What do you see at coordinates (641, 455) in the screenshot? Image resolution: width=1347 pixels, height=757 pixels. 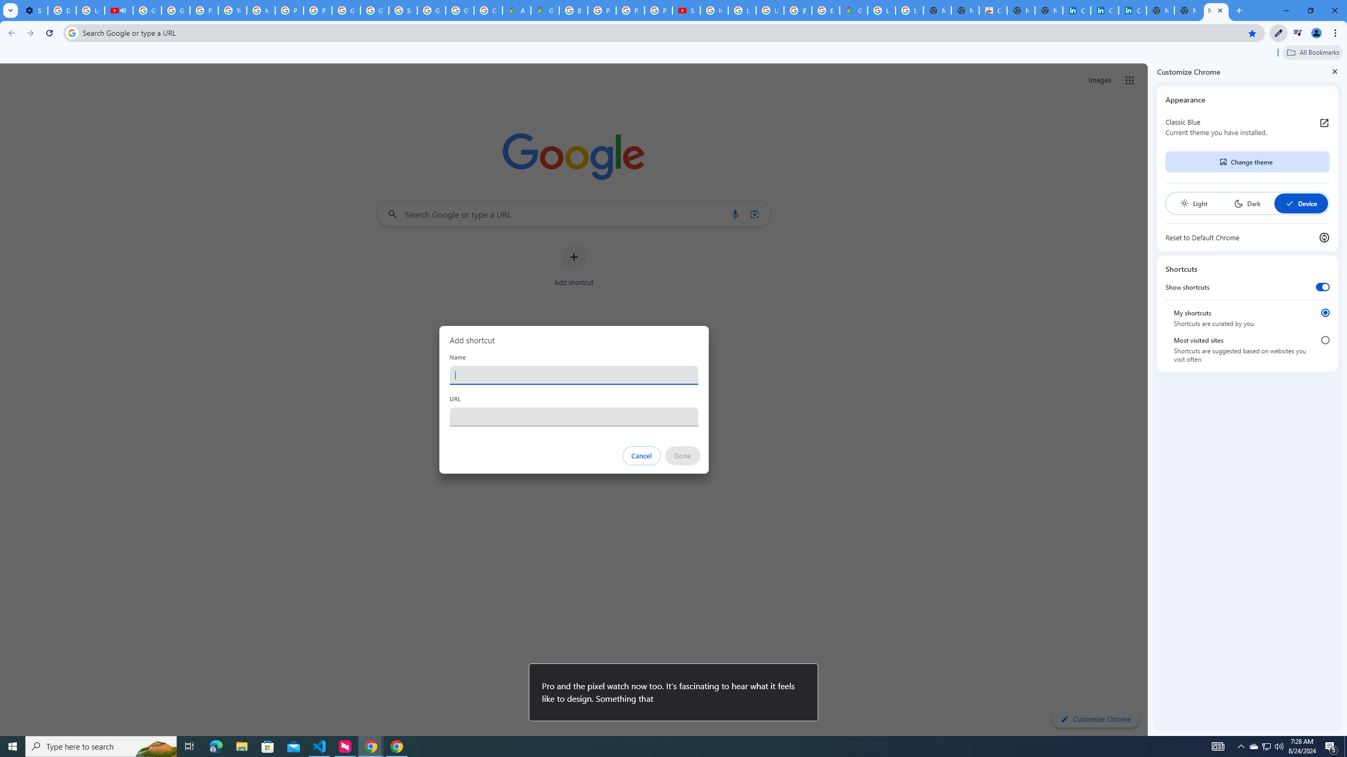 I see `'Cancel'` at bounding box center [641, 455].